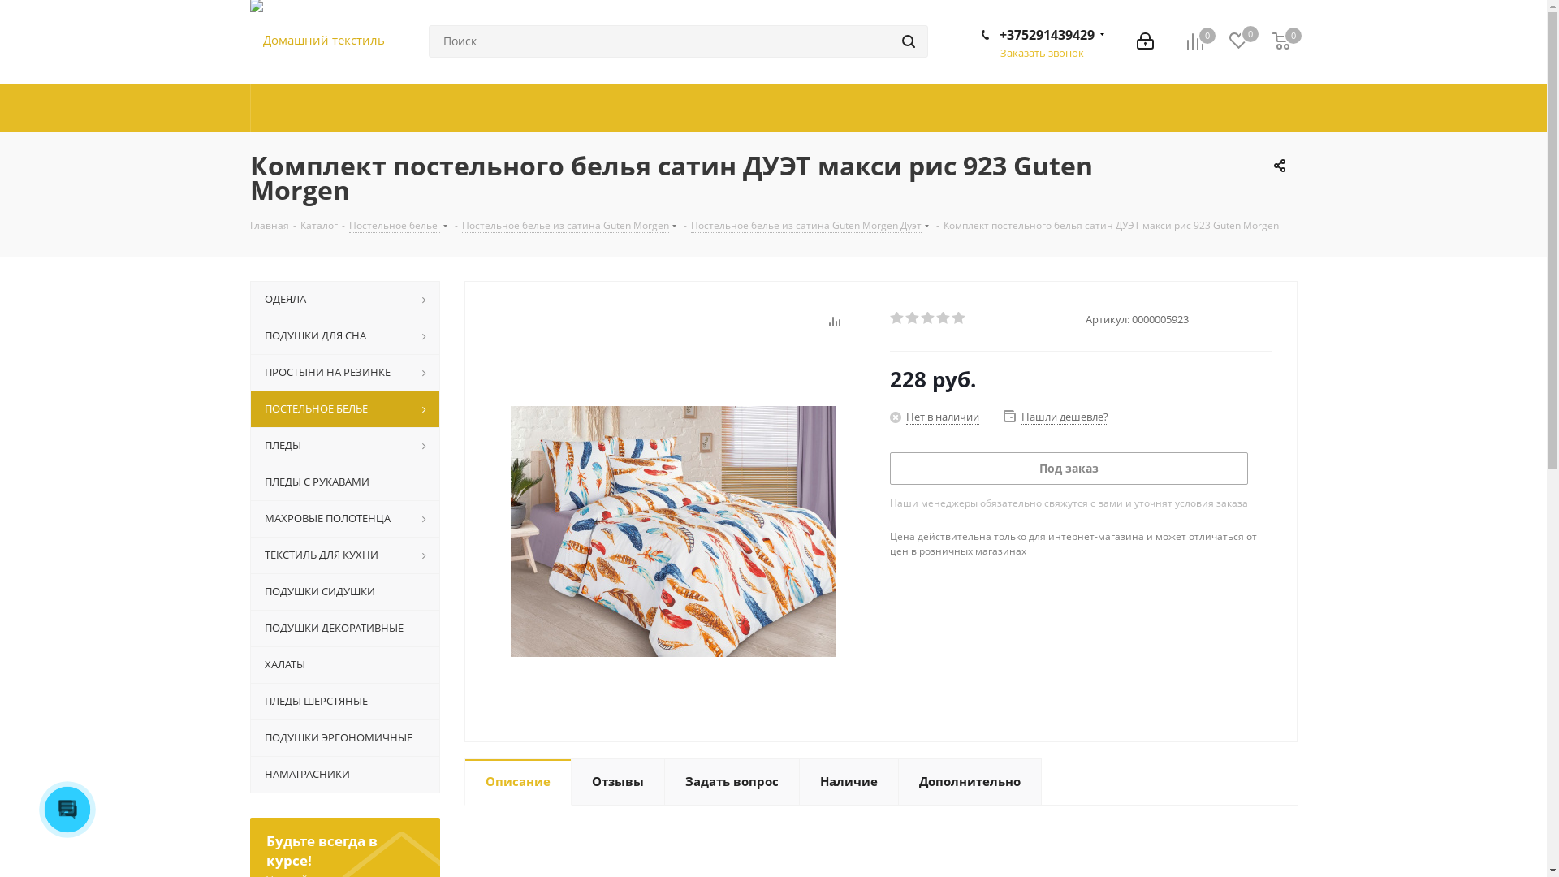  Describe the element at coordinates (951, 318) in the screenshot. I see `'5'` at that location.